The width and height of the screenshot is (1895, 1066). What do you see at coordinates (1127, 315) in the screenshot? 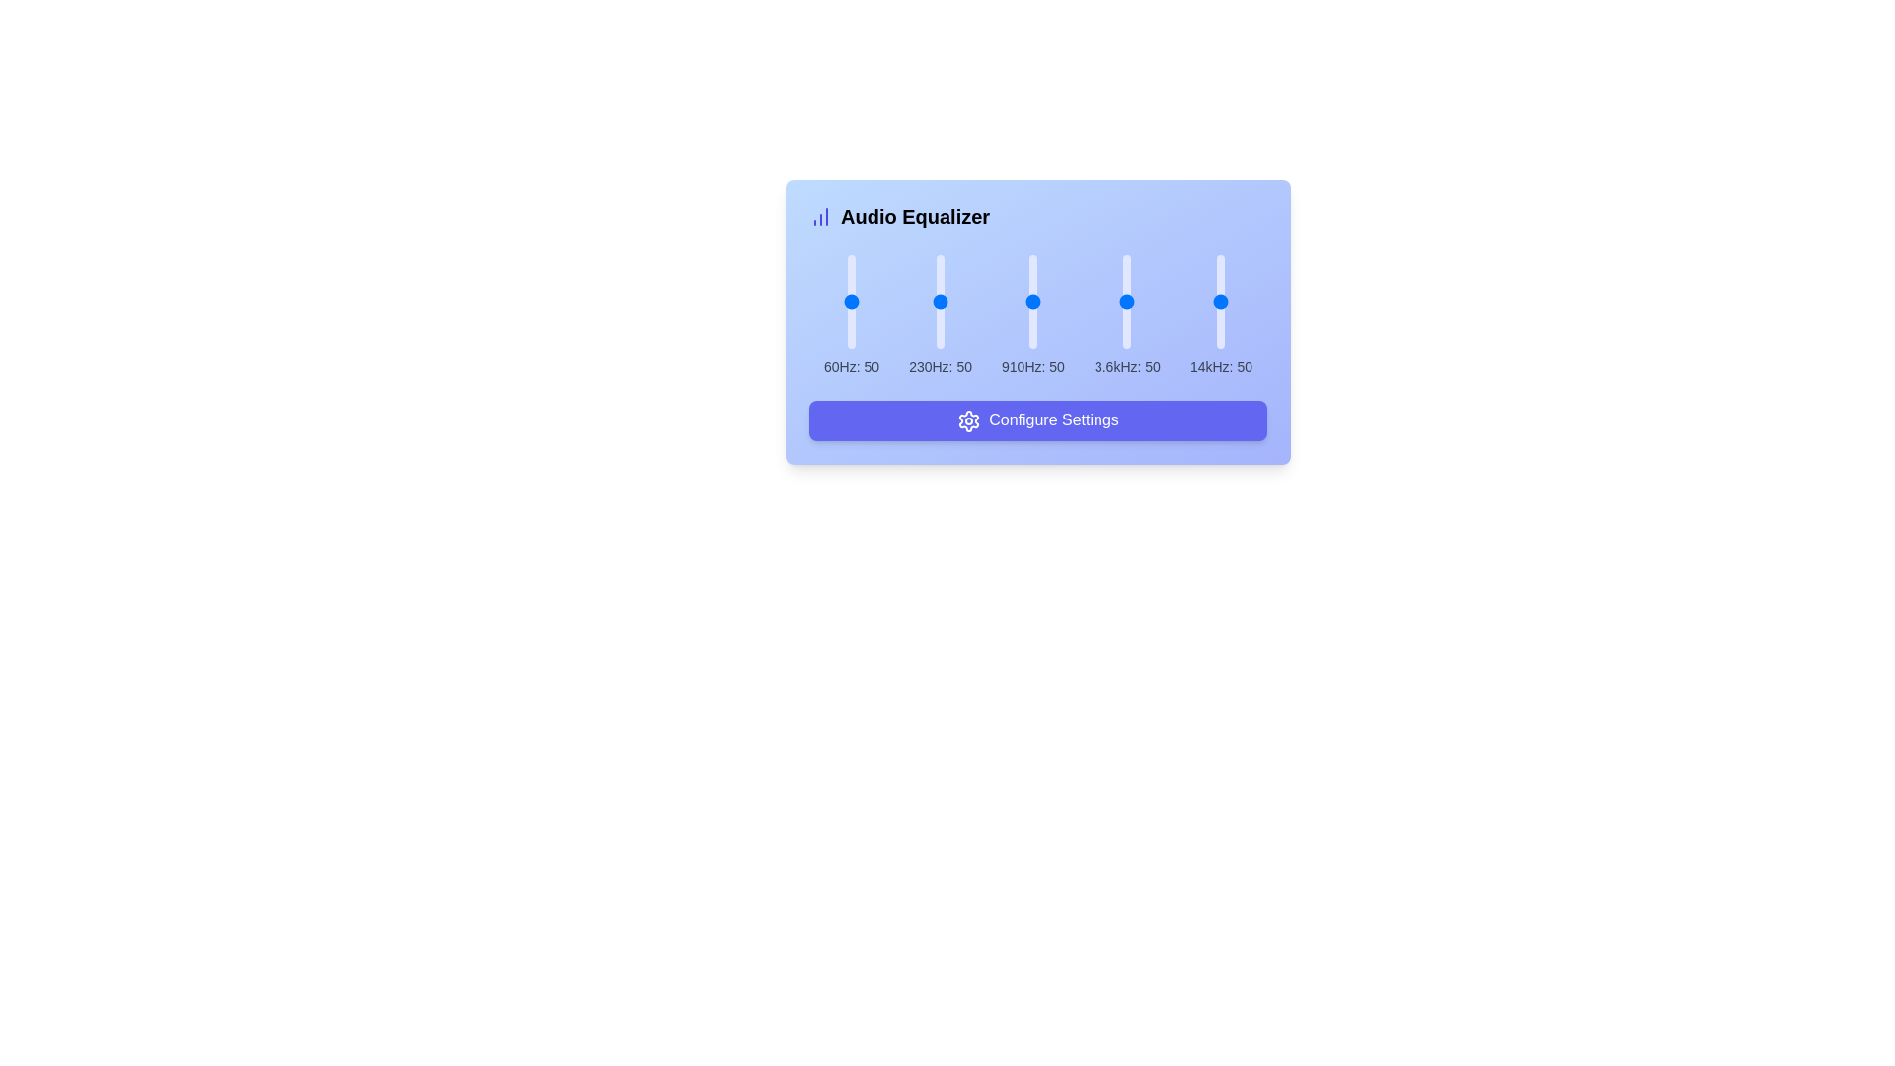
I see `the 3.6kHz audio equalizer slider` at bounding box center [1127, 315].